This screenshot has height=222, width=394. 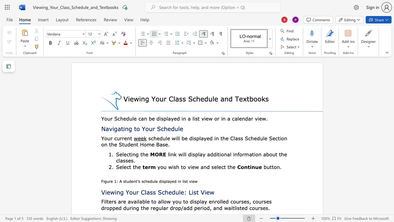 I want to click on the 1th character "h" in the text, so click(x=136, y=167).